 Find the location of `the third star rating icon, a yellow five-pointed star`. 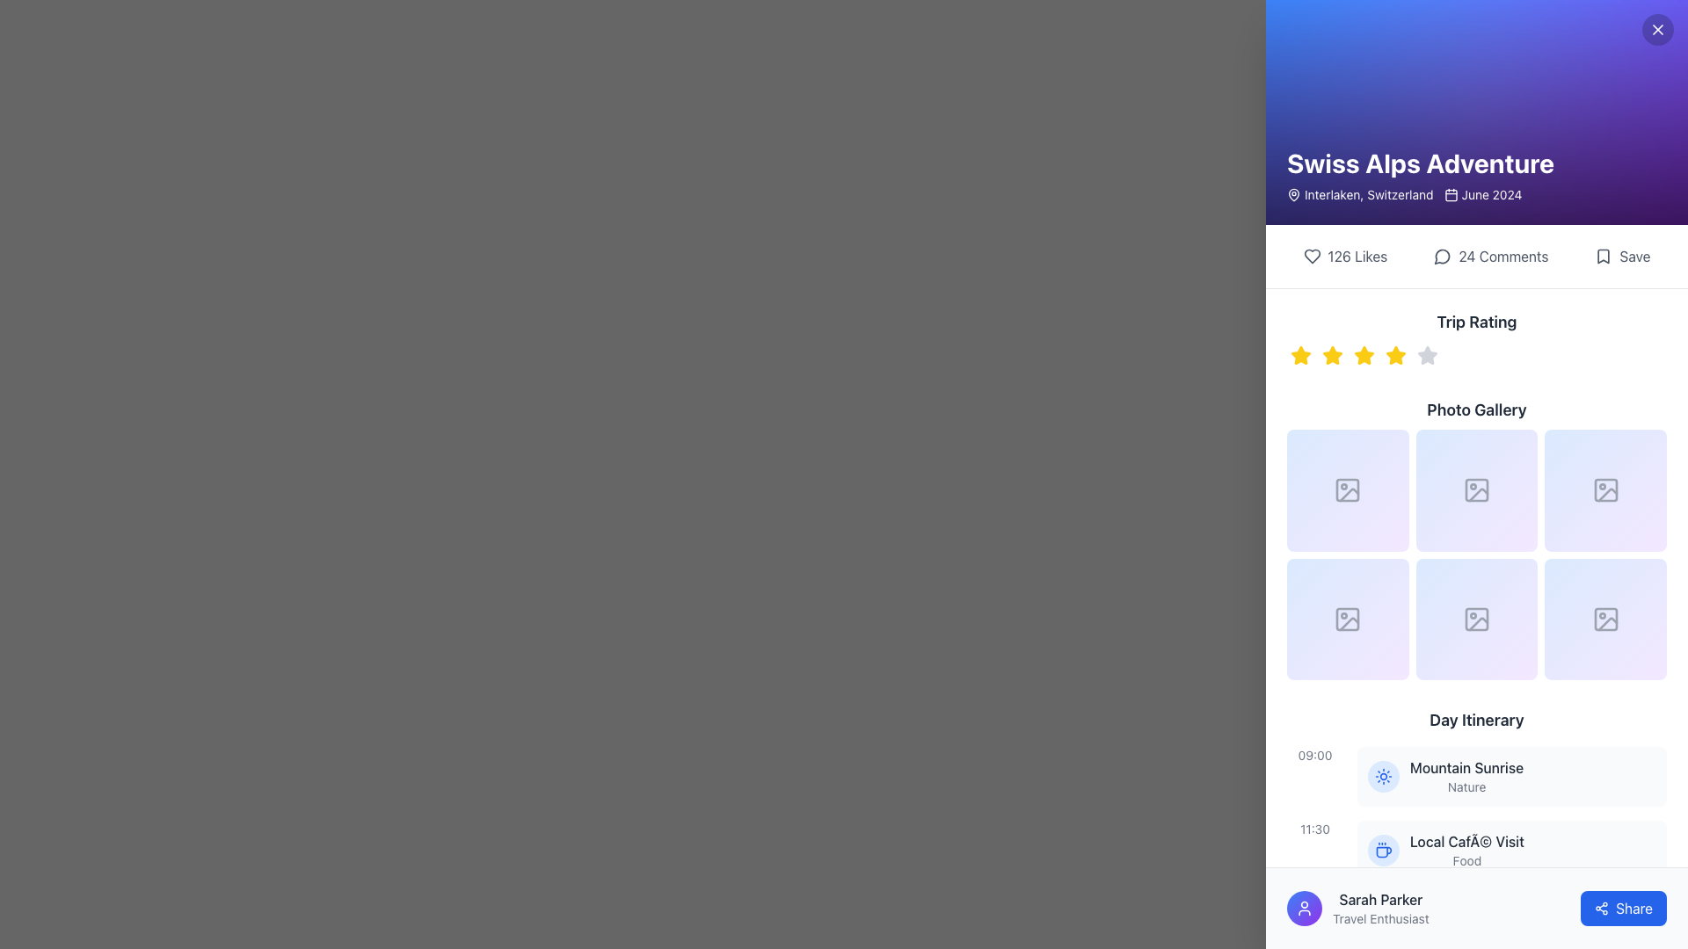

the third star rating icon, a yellow five-pointed star is located at coordinates (1395, 355).